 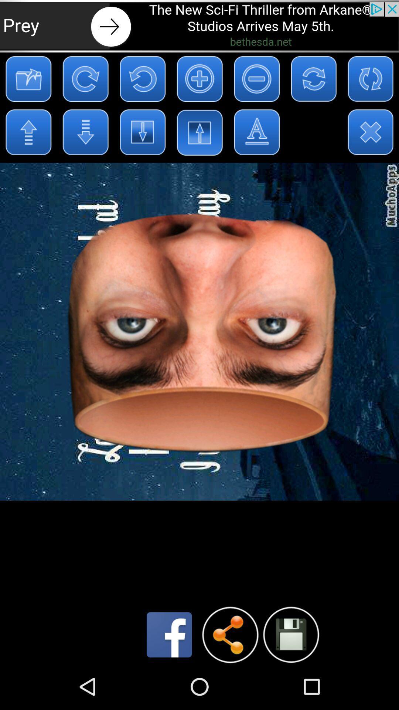 What do you see at coordinates (169, 634) in the screenshot?
I see `facebook button` at bounding box center [169, 634].